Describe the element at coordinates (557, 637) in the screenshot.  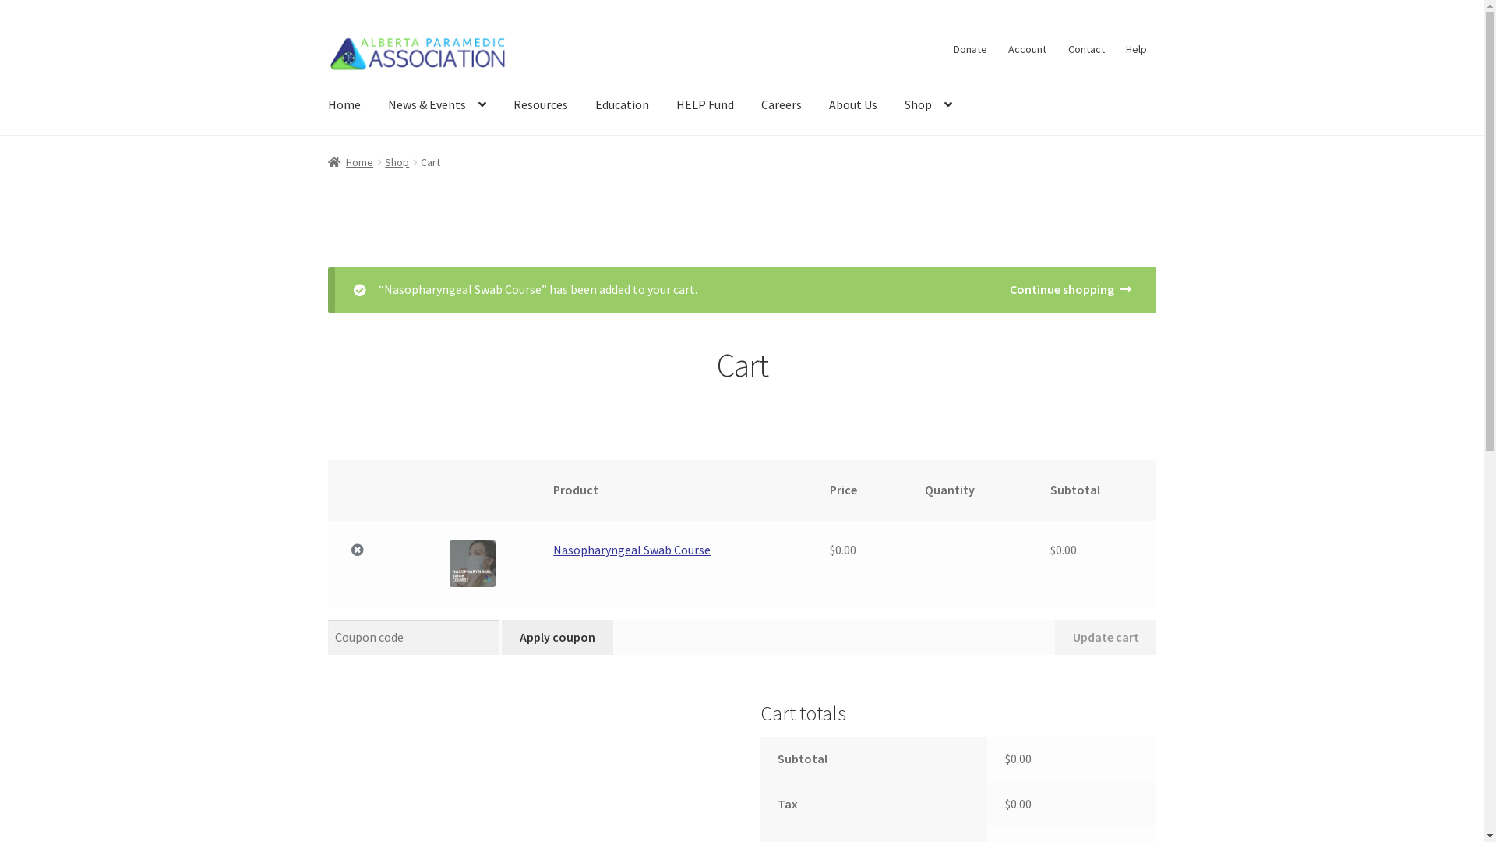
I see `'Apply coupon'` at that location.